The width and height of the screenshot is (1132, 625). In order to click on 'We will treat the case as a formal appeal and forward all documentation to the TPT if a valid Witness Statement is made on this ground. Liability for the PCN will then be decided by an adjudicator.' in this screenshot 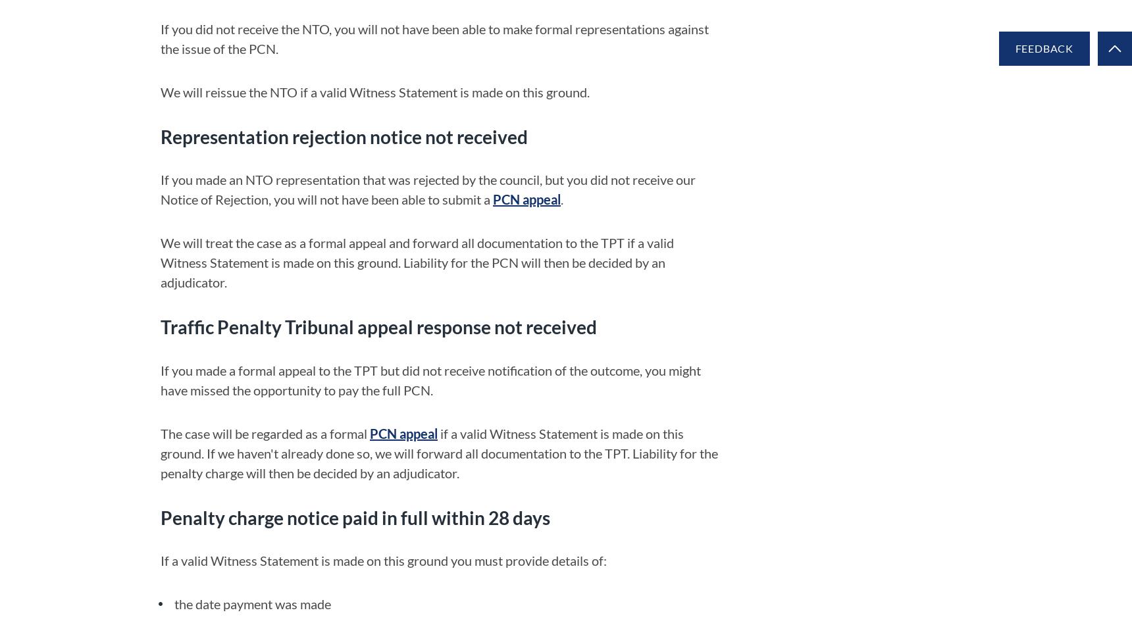, I will do `click(161, 262)`.